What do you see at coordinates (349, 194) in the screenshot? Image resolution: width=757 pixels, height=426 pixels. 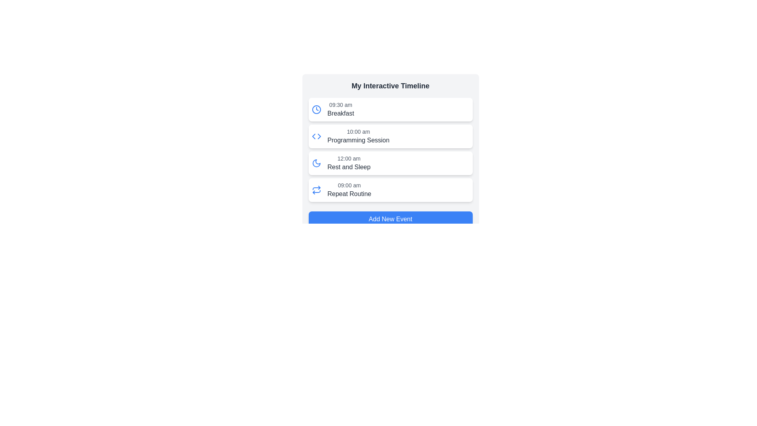 I see `text label displaying 'Repeat Routine' located within the timeline entry for '09:00 am', positioned at the bottom of the list of scheduled activities` at bounding box center [349, 194].